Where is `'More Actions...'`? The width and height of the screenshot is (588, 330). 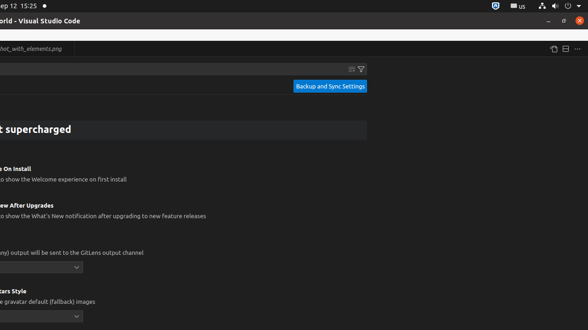 'More Actions...' is located at coordinates (577, 49).